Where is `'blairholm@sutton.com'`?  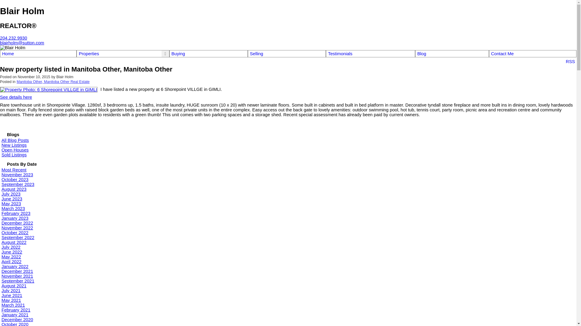
'blairholm@sutton.com' is located at coordinates (22, 43).